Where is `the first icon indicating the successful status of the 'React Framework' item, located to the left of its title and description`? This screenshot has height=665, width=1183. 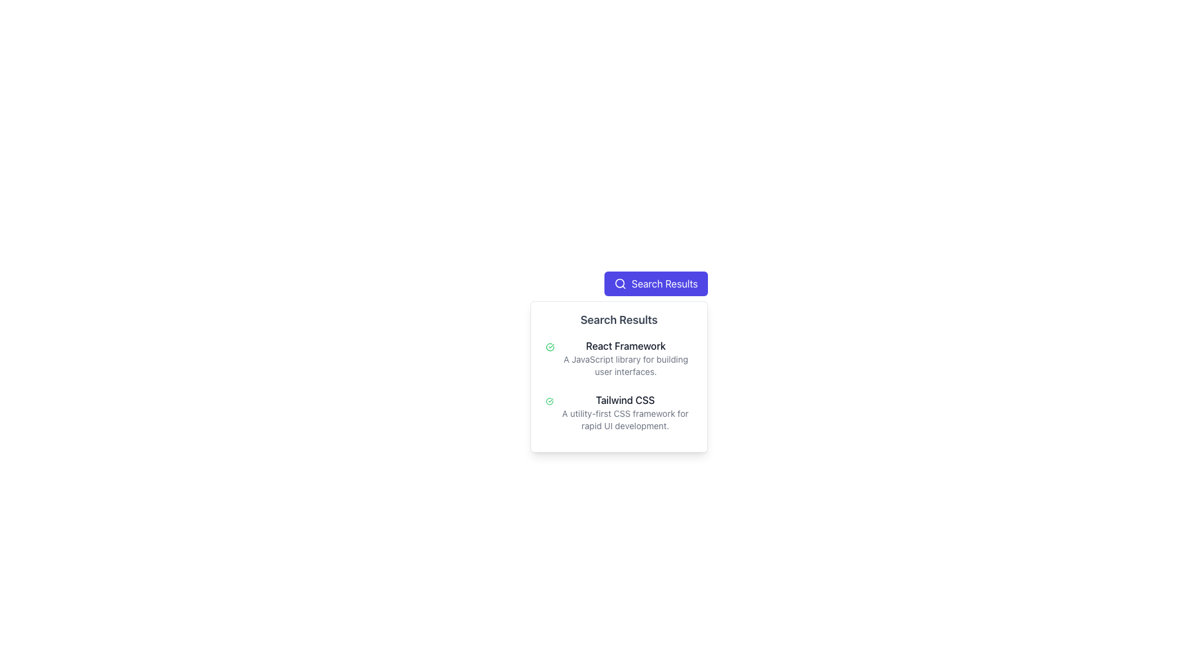
the first icon indicating the successful status of the 'React Framework' item, located to the left of its title and description is located at coordinates (549, 347).